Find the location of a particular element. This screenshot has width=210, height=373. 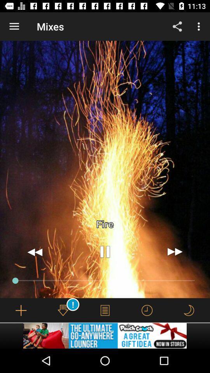

check time is located at coordinates (147, 310).